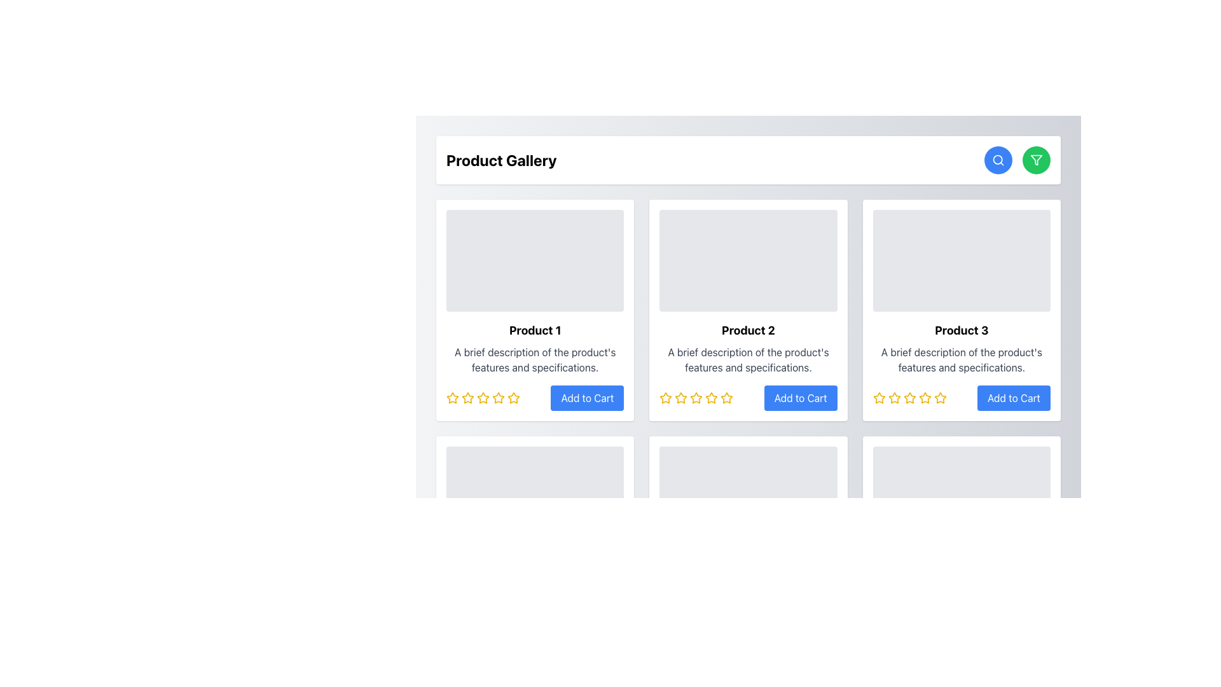  I want to click on text block containing 'A brief description of the product's features and specifications.' which is centrally aligned under the product title 'Product 2', so click(748, 360).